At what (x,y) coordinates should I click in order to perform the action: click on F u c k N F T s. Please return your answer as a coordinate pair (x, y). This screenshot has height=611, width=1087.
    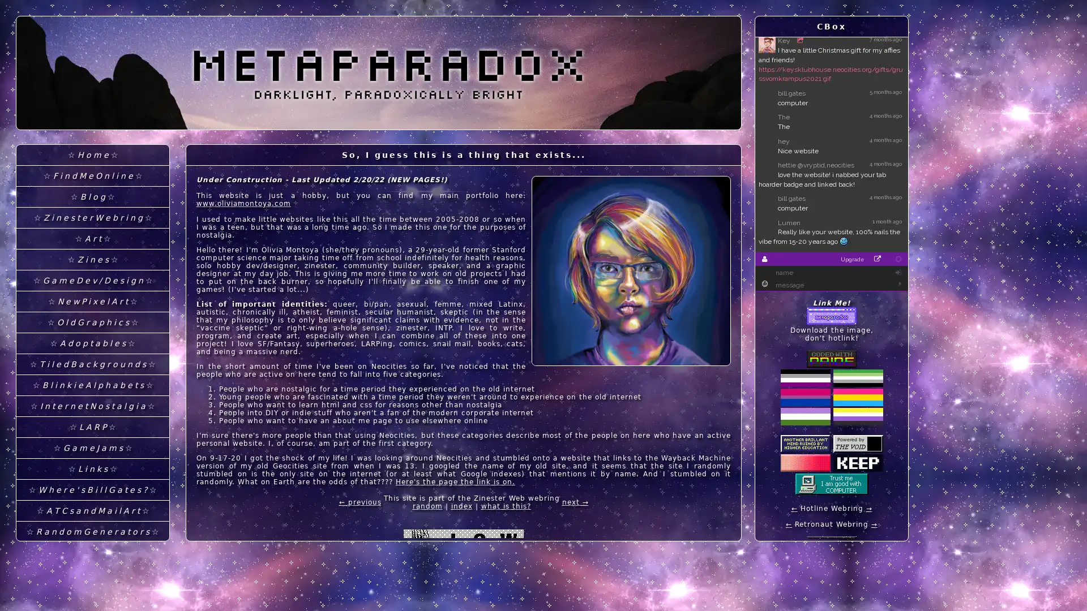
    Looking at the image, I should click on (92, 552).